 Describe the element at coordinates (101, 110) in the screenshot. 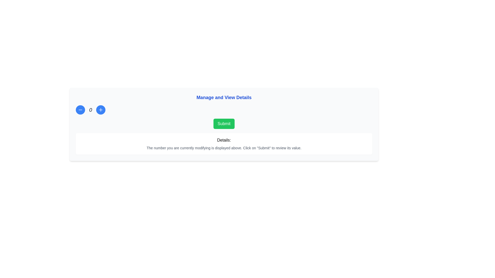

I see `the plus icon button, which is a thin-stroke plus sign on a blue circular background, located beside the numeric indicator '0' in the control widget` at that location.